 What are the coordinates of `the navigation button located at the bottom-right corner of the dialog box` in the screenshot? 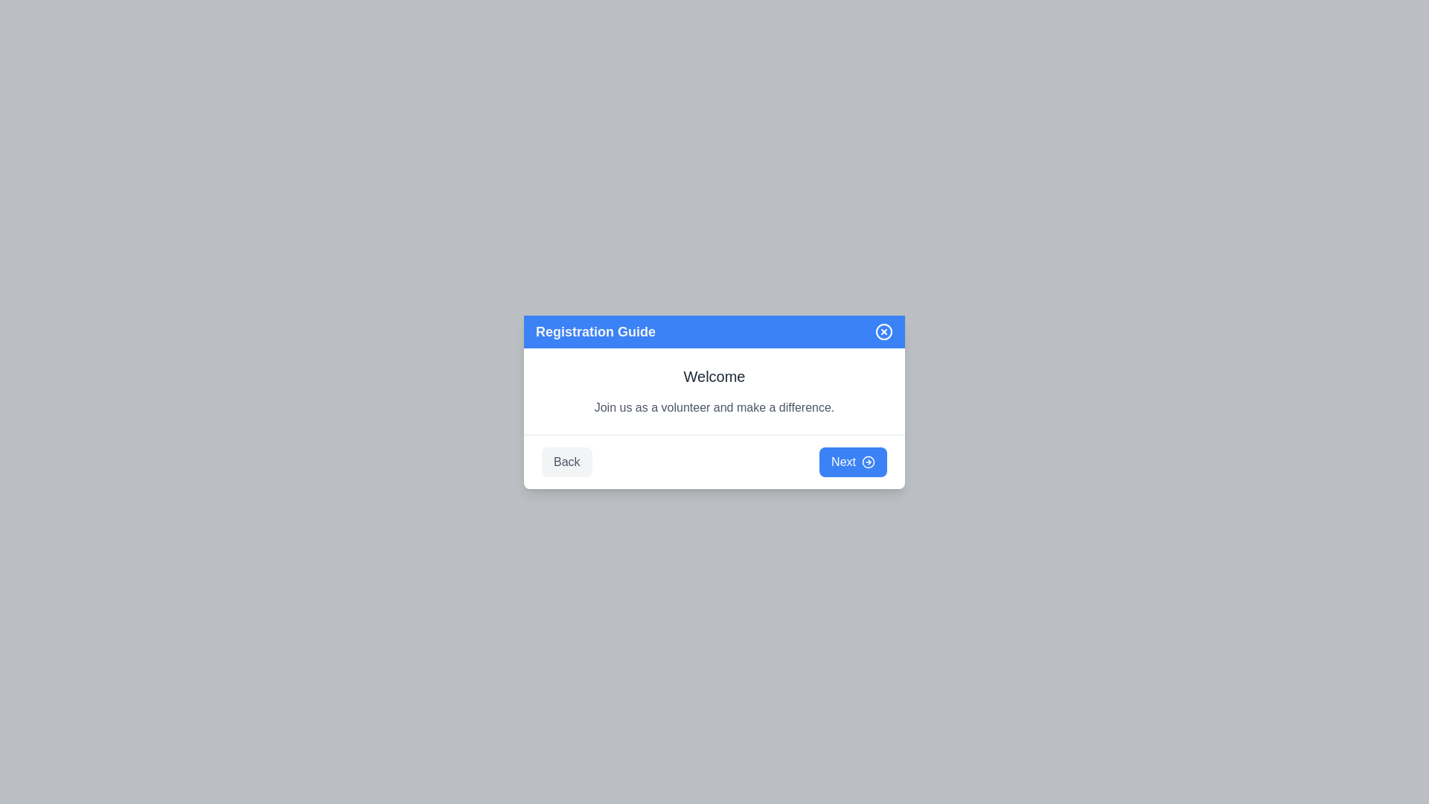 It's located at (853, 461).